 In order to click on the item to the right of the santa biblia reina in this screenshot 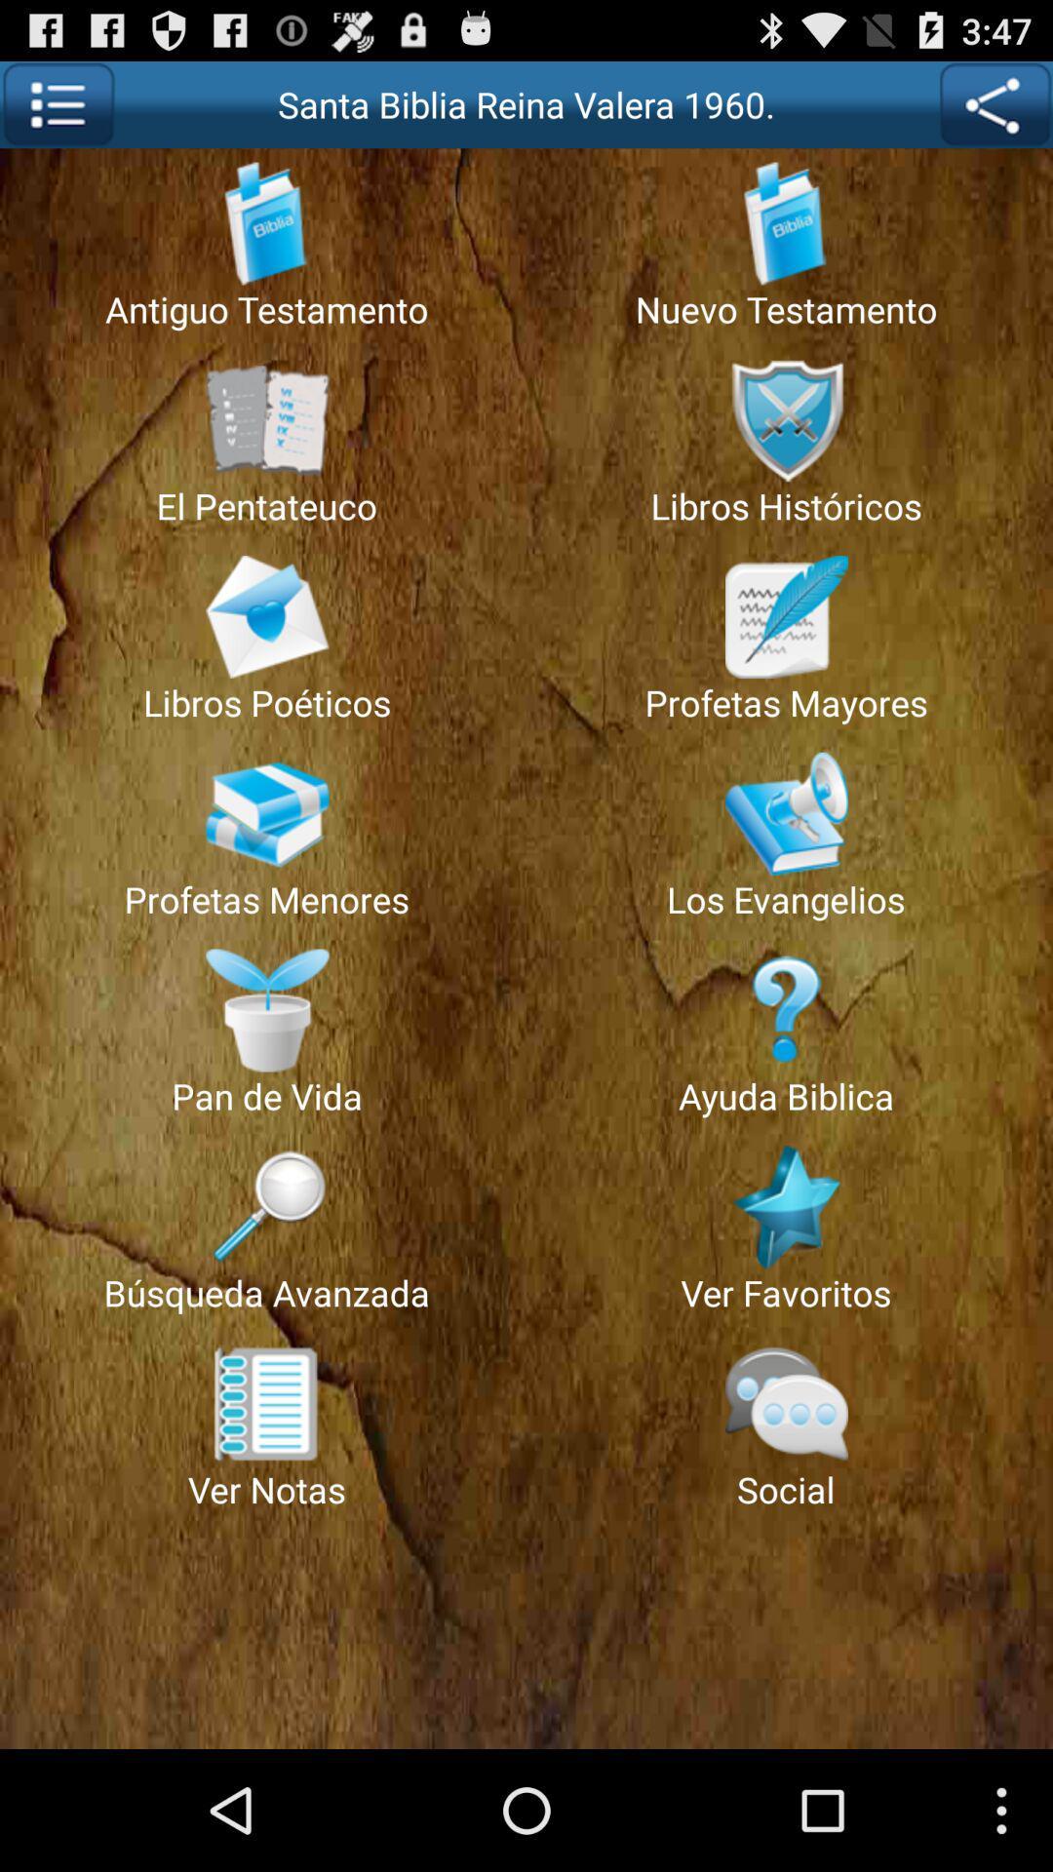, I will do `click(994, 103)`.